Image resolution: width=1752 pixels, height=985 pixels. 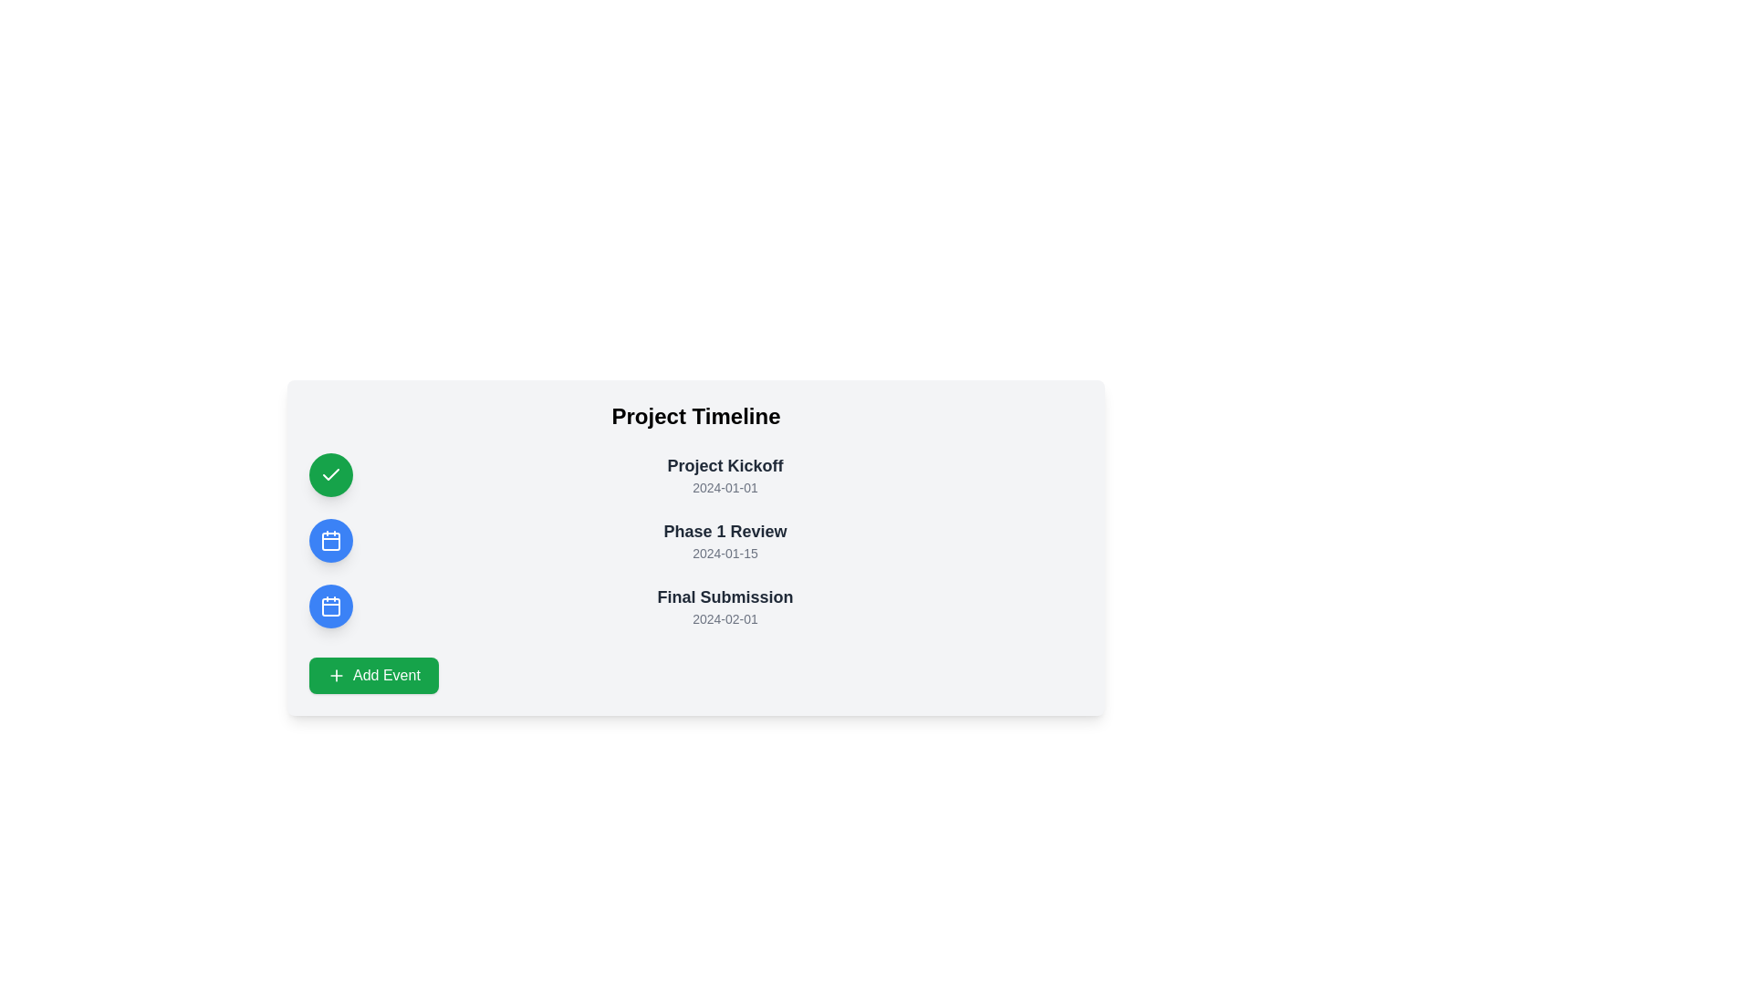 What do you see at coordinates (331, 540) in the screenshot?
I see `the blue circular button with a white calendar icon, located second from the top in a vertical stack, to interact with the associated phase` at bounding box center [331, 540].